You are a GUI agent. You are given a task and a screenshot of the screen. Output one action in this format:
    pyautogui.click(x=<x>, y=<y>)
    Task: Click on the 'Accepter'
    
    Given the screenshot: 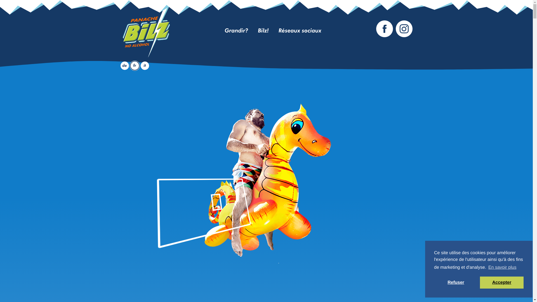 What is the action you would take?
    pyautogui.click(x=502, y=282)
    